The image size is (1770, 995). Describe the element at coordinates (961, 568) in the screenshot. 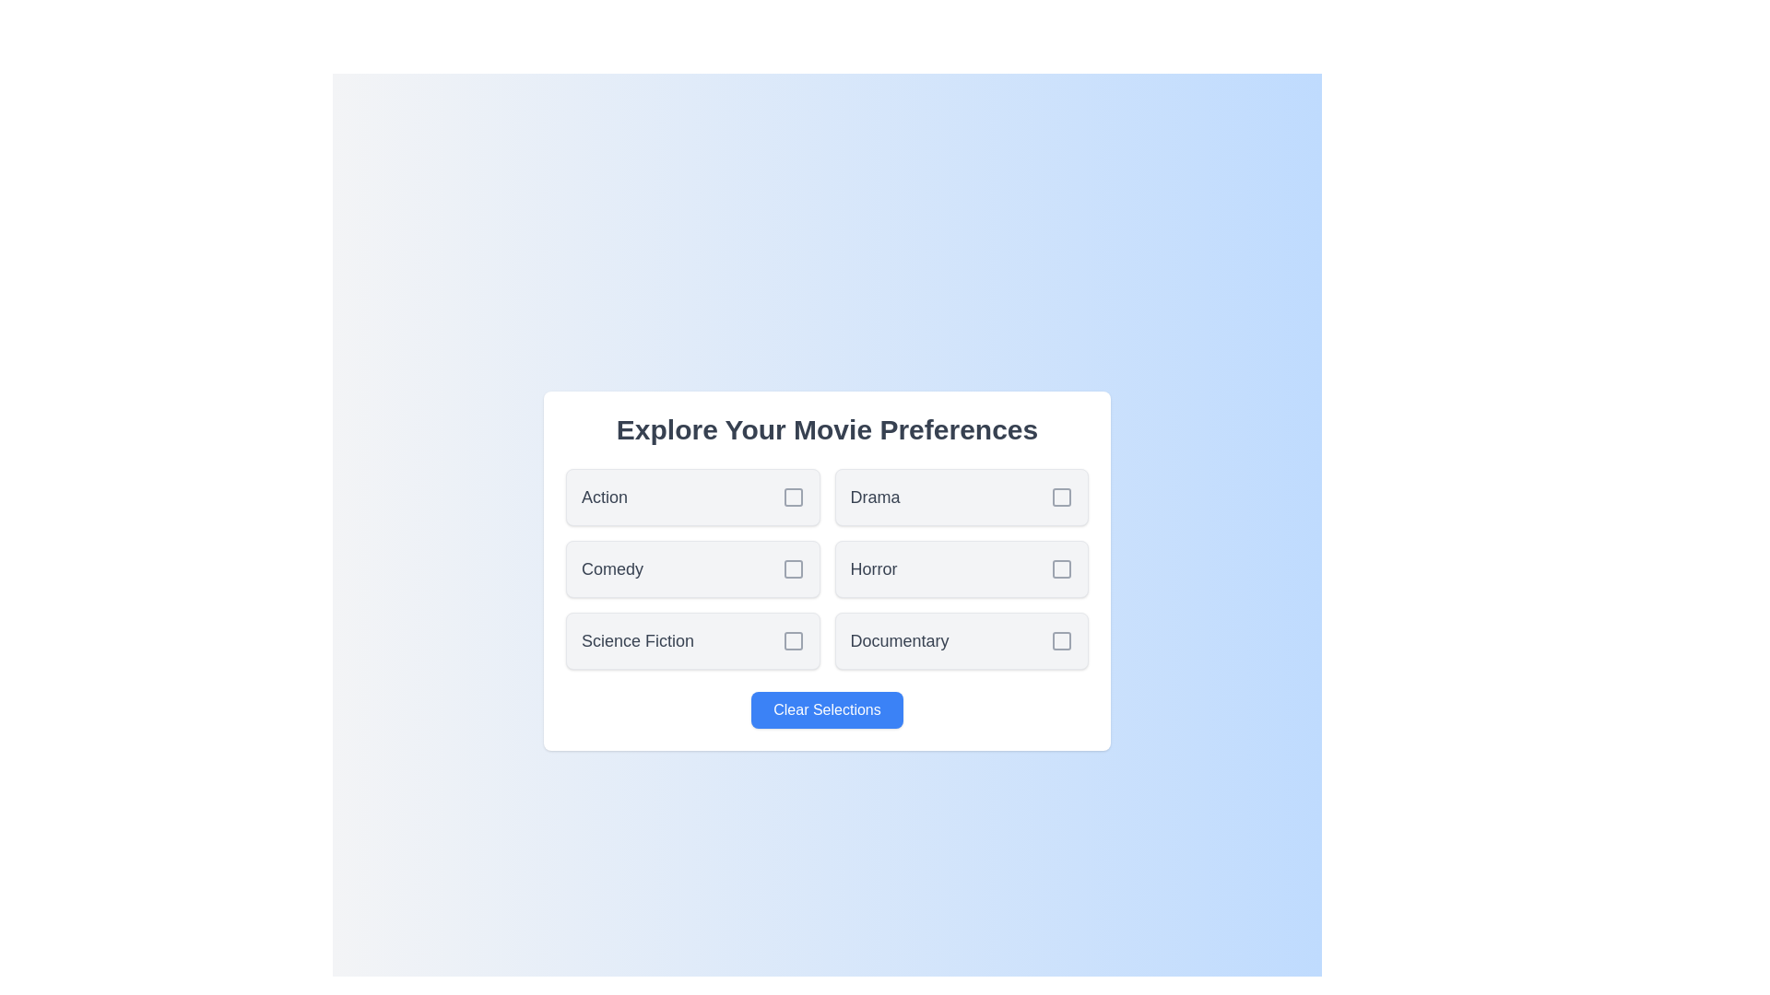

I see `the genre Horror` at that location.